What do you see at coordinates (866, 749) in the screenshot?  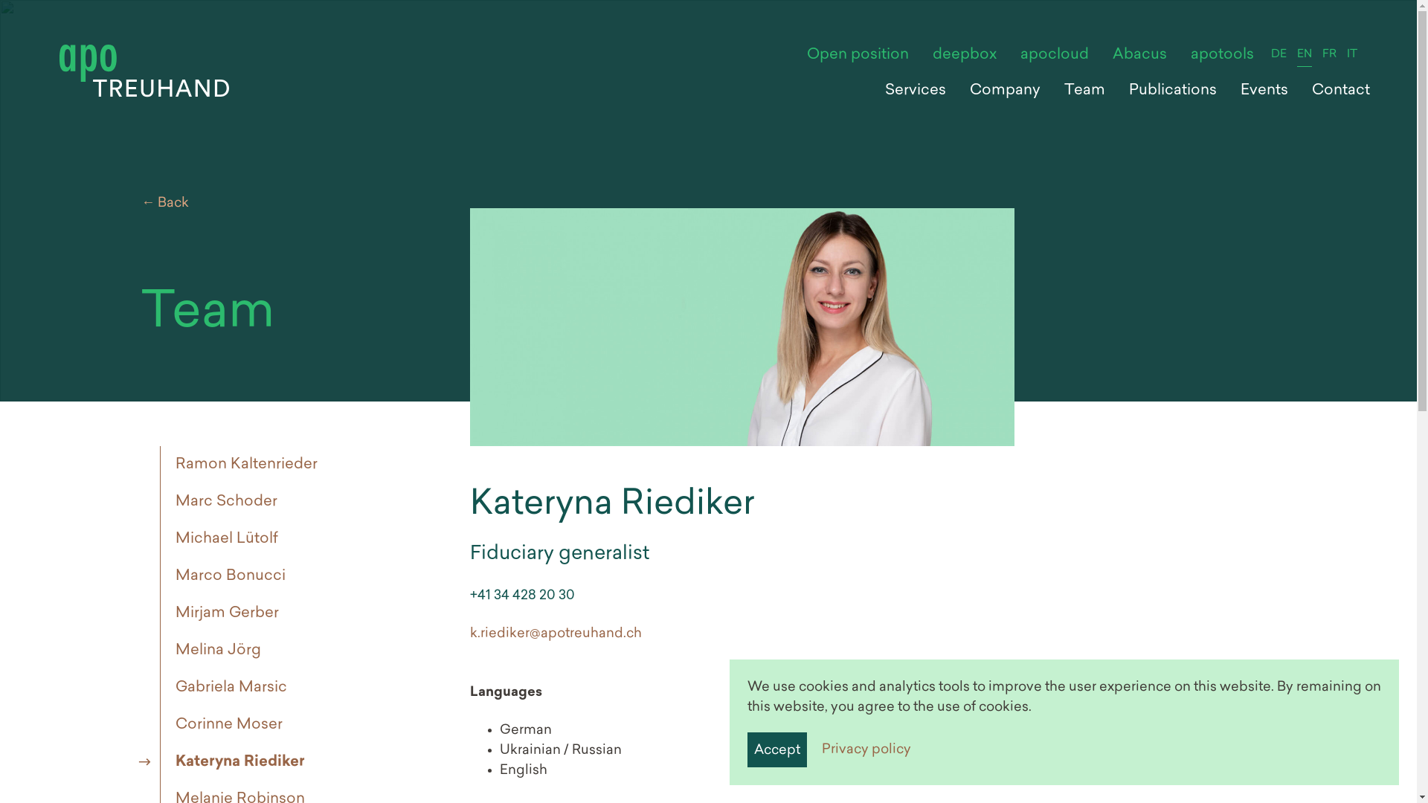 I see `'Privacy policy'` at bounding box center [866, 749].